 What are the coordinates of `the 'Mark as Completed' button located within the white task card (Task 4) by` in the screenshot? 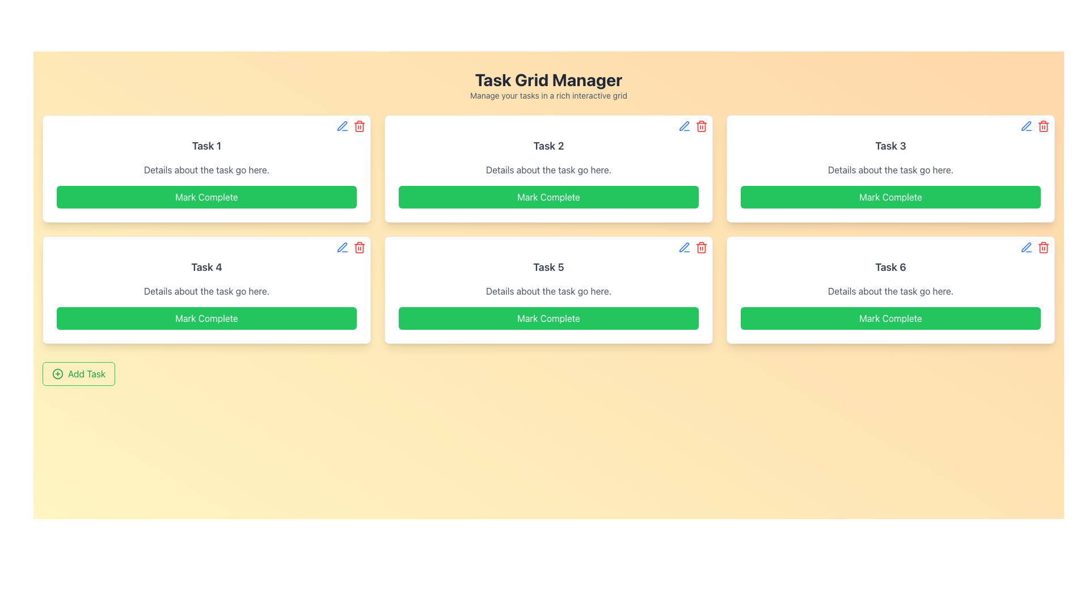 It's located at (206, 318).